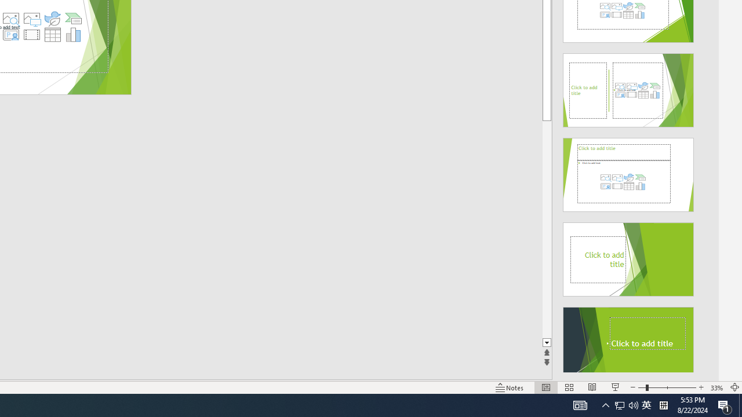  Describe the element at coordinates (31, 34) in the screenshot. I see `'Insert Video'` at that location.